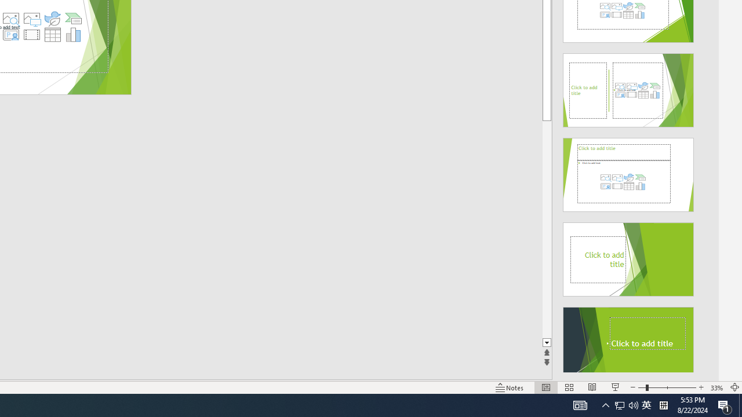  Describe the element at coordinates (31, 34) in the screenshot. I see `'Insert Video'` at that location.